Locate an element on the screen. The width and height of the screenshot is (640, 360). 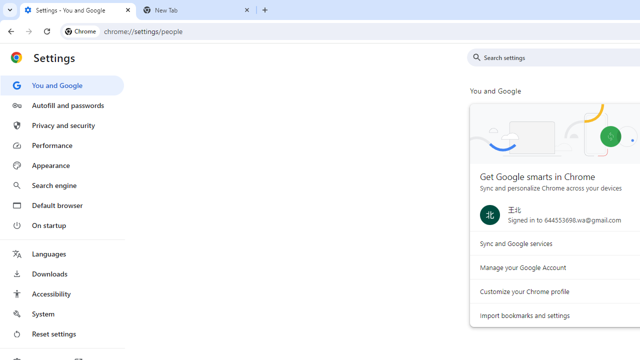
'Accessibility' is located at coordinates (61, 293).